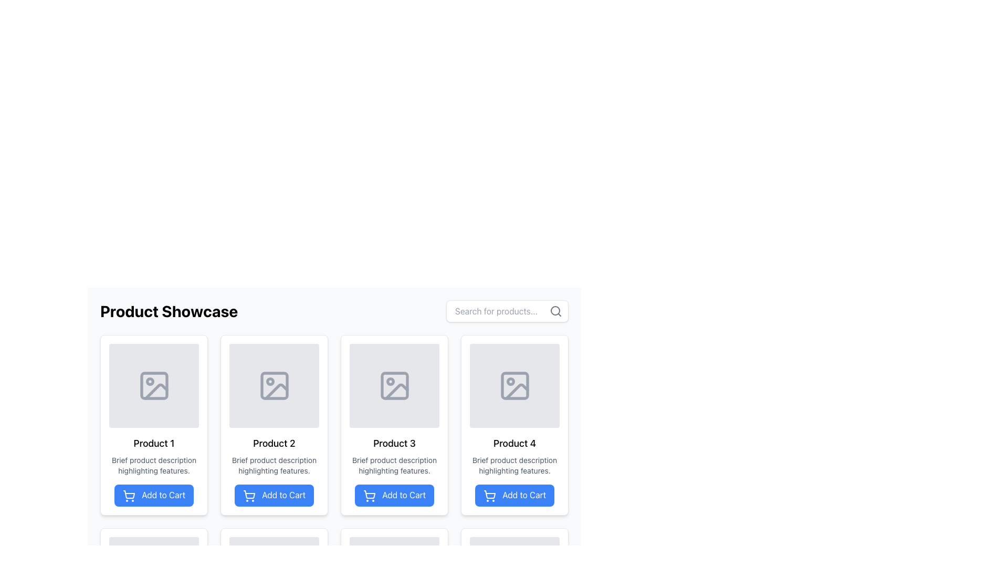 The image size is (1008, 567). Describe the element at coordinates (554, 310) in the screenshot. I see `attributes of the Circle SVG element located at the center of the magnifying glass icon in the search bar` at that location.